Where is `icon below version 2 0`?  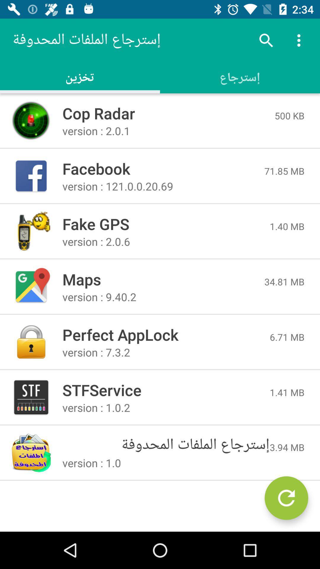
icon below version 2 0 is located at coordinates (163, 279).